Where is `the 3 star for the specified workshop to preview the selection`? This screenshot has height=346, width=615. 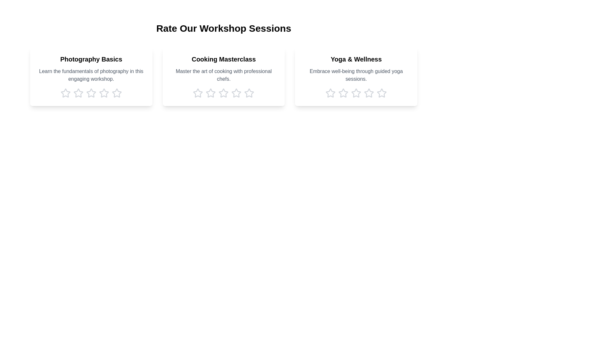 the 3 star for the specified workshop to preview the selection is located at coordinates (91, 93).